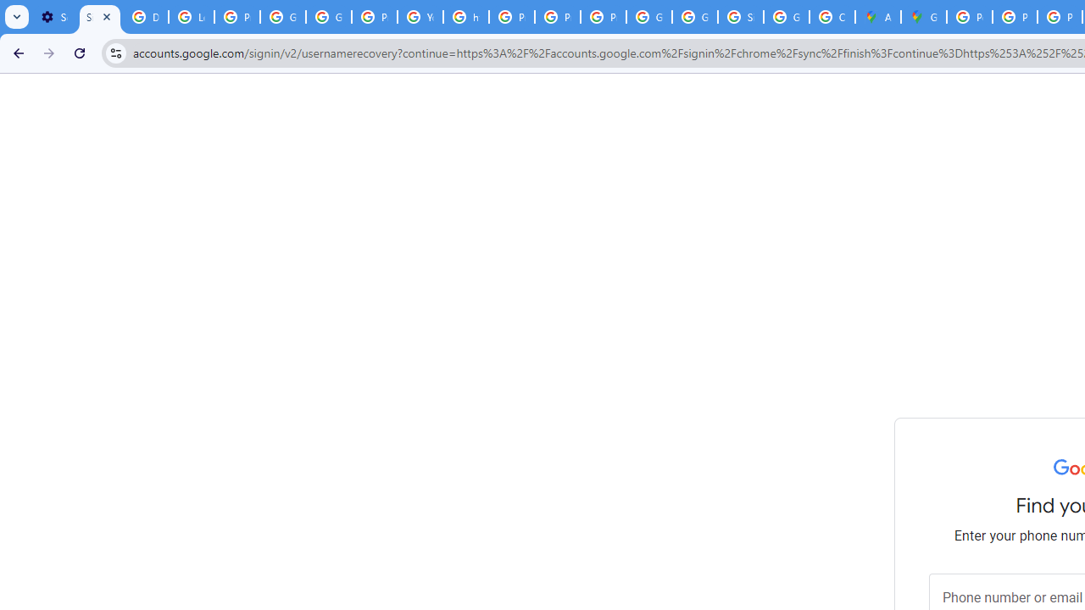  I want to click on 'Reload', so click(79, 52).